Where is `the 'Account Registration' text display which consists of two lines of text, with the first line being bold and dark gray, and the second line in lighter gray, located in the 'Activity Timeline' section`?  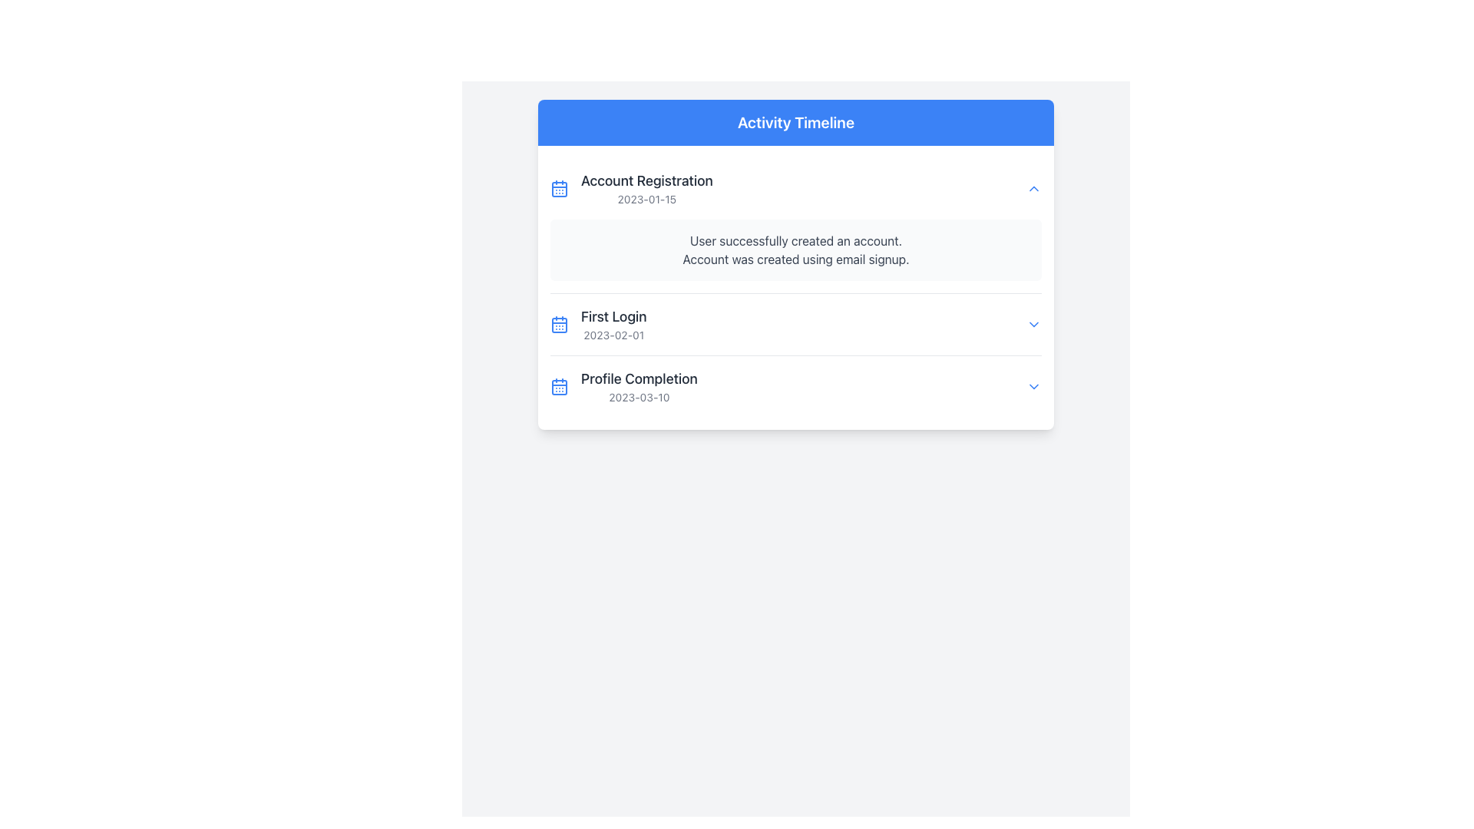 the 'Account Registration' text display which consists of two lines of text, with the first line being bold and dark gray, and the second line in lighter gray, located in the 'Activity Timeline' section is located at coordinates (646, 188).